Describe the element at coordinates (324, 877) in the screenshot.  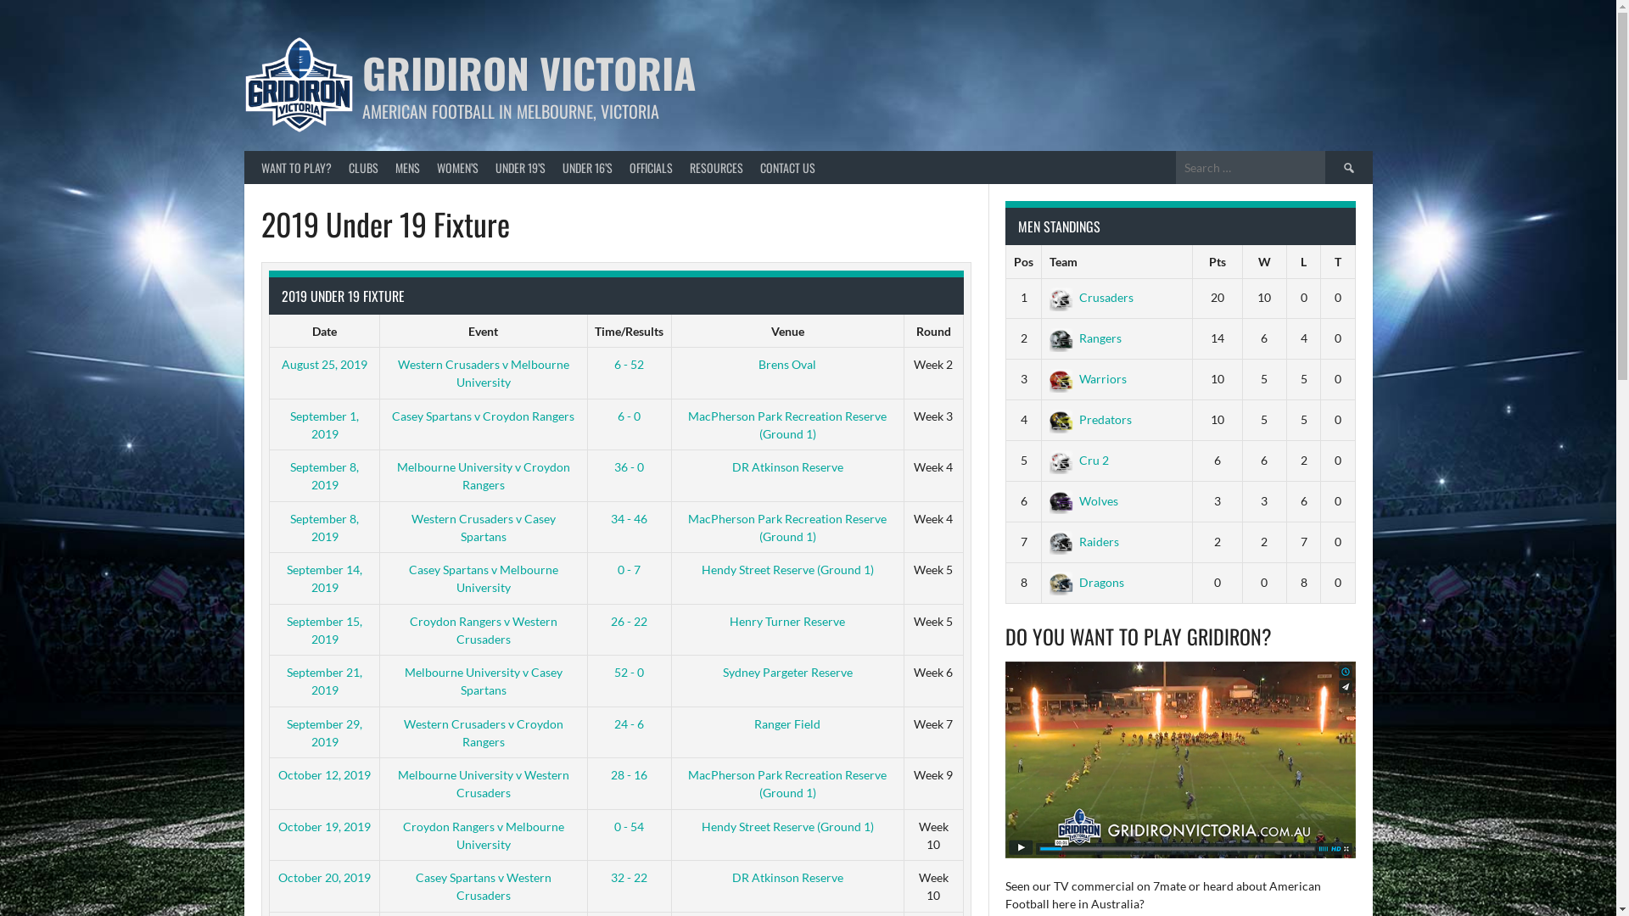
I see `'October 20, 2019'` at that location.